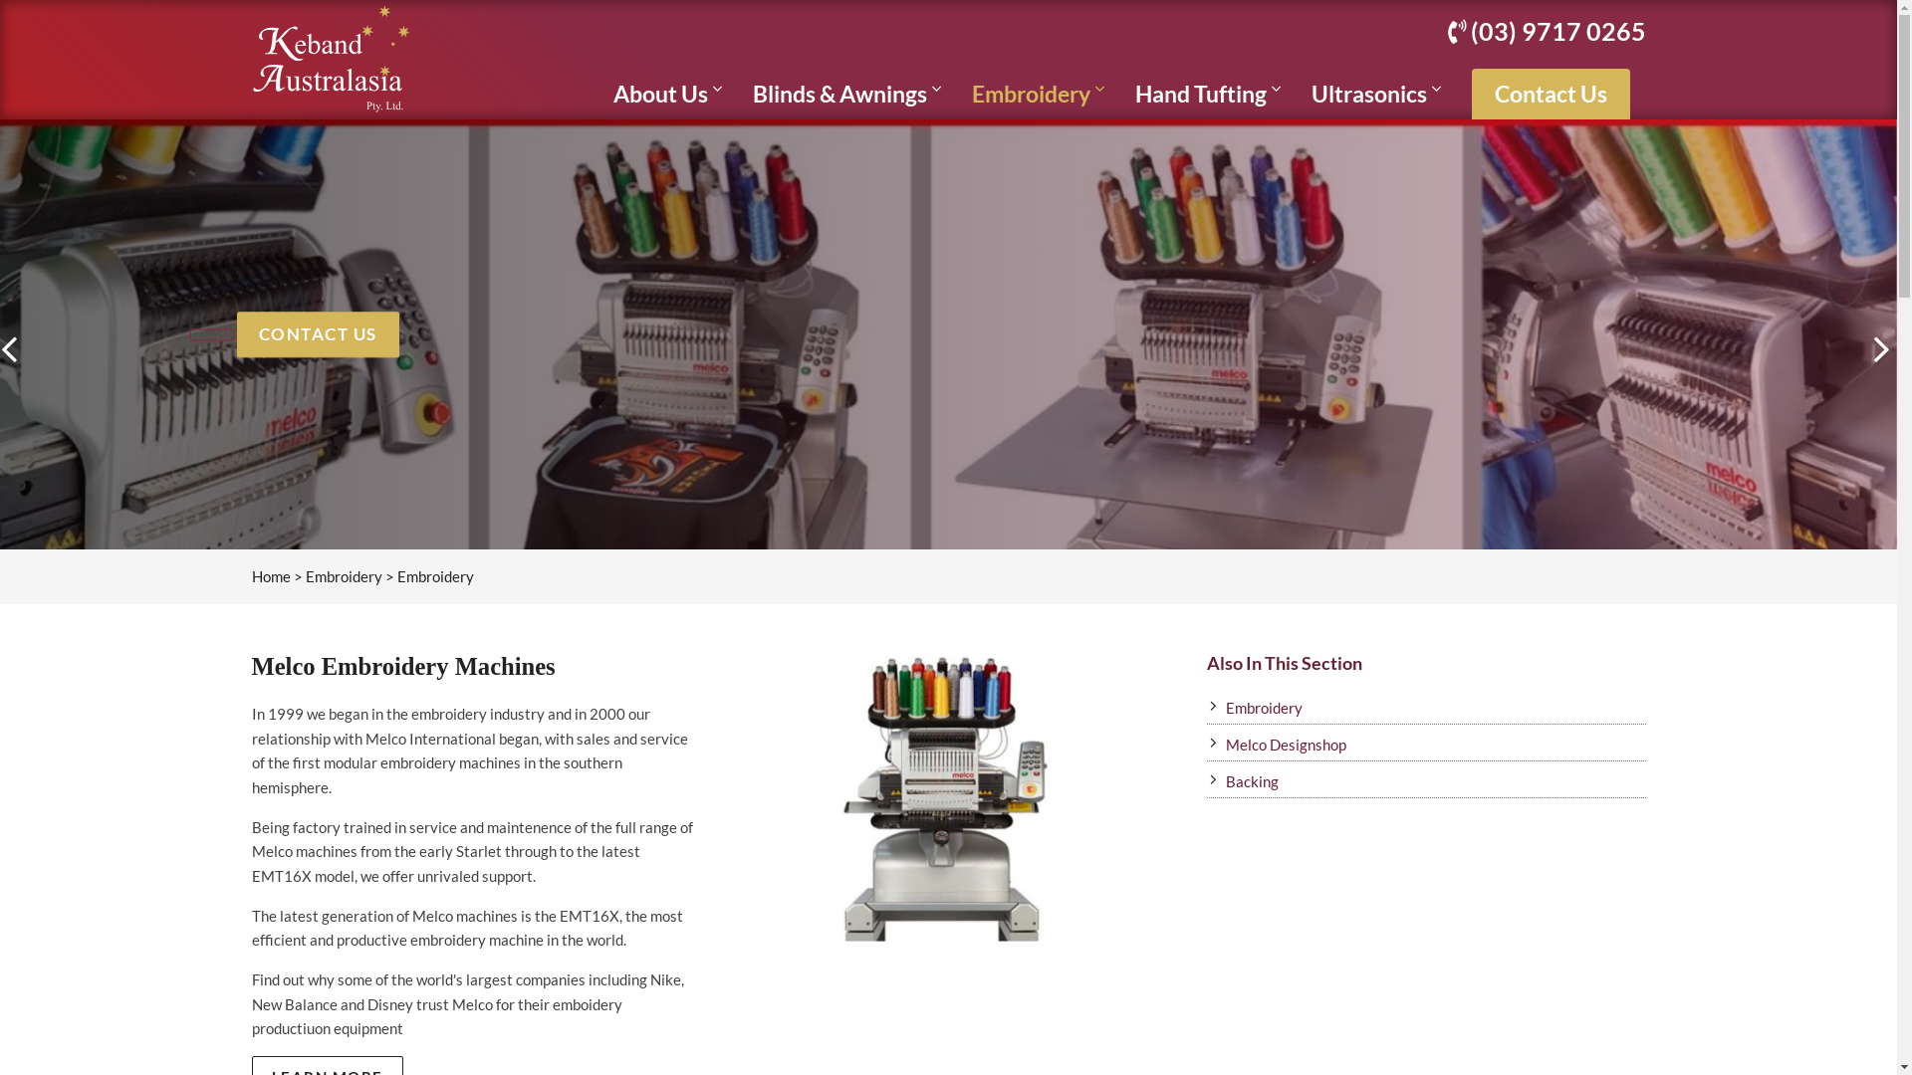 This screenshot has height=1075, width=1912. I want to click on 'Hand Tufting', so click(1207, 94).